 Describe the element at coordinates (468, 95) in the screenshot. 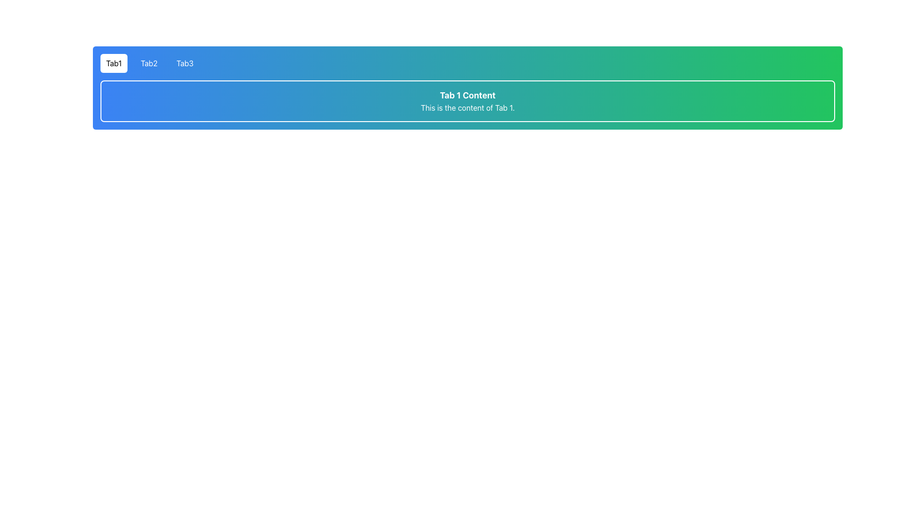

I see `the static text element titled 'Tab 1 Content' that indicates the active section currently being viewed` at that location.